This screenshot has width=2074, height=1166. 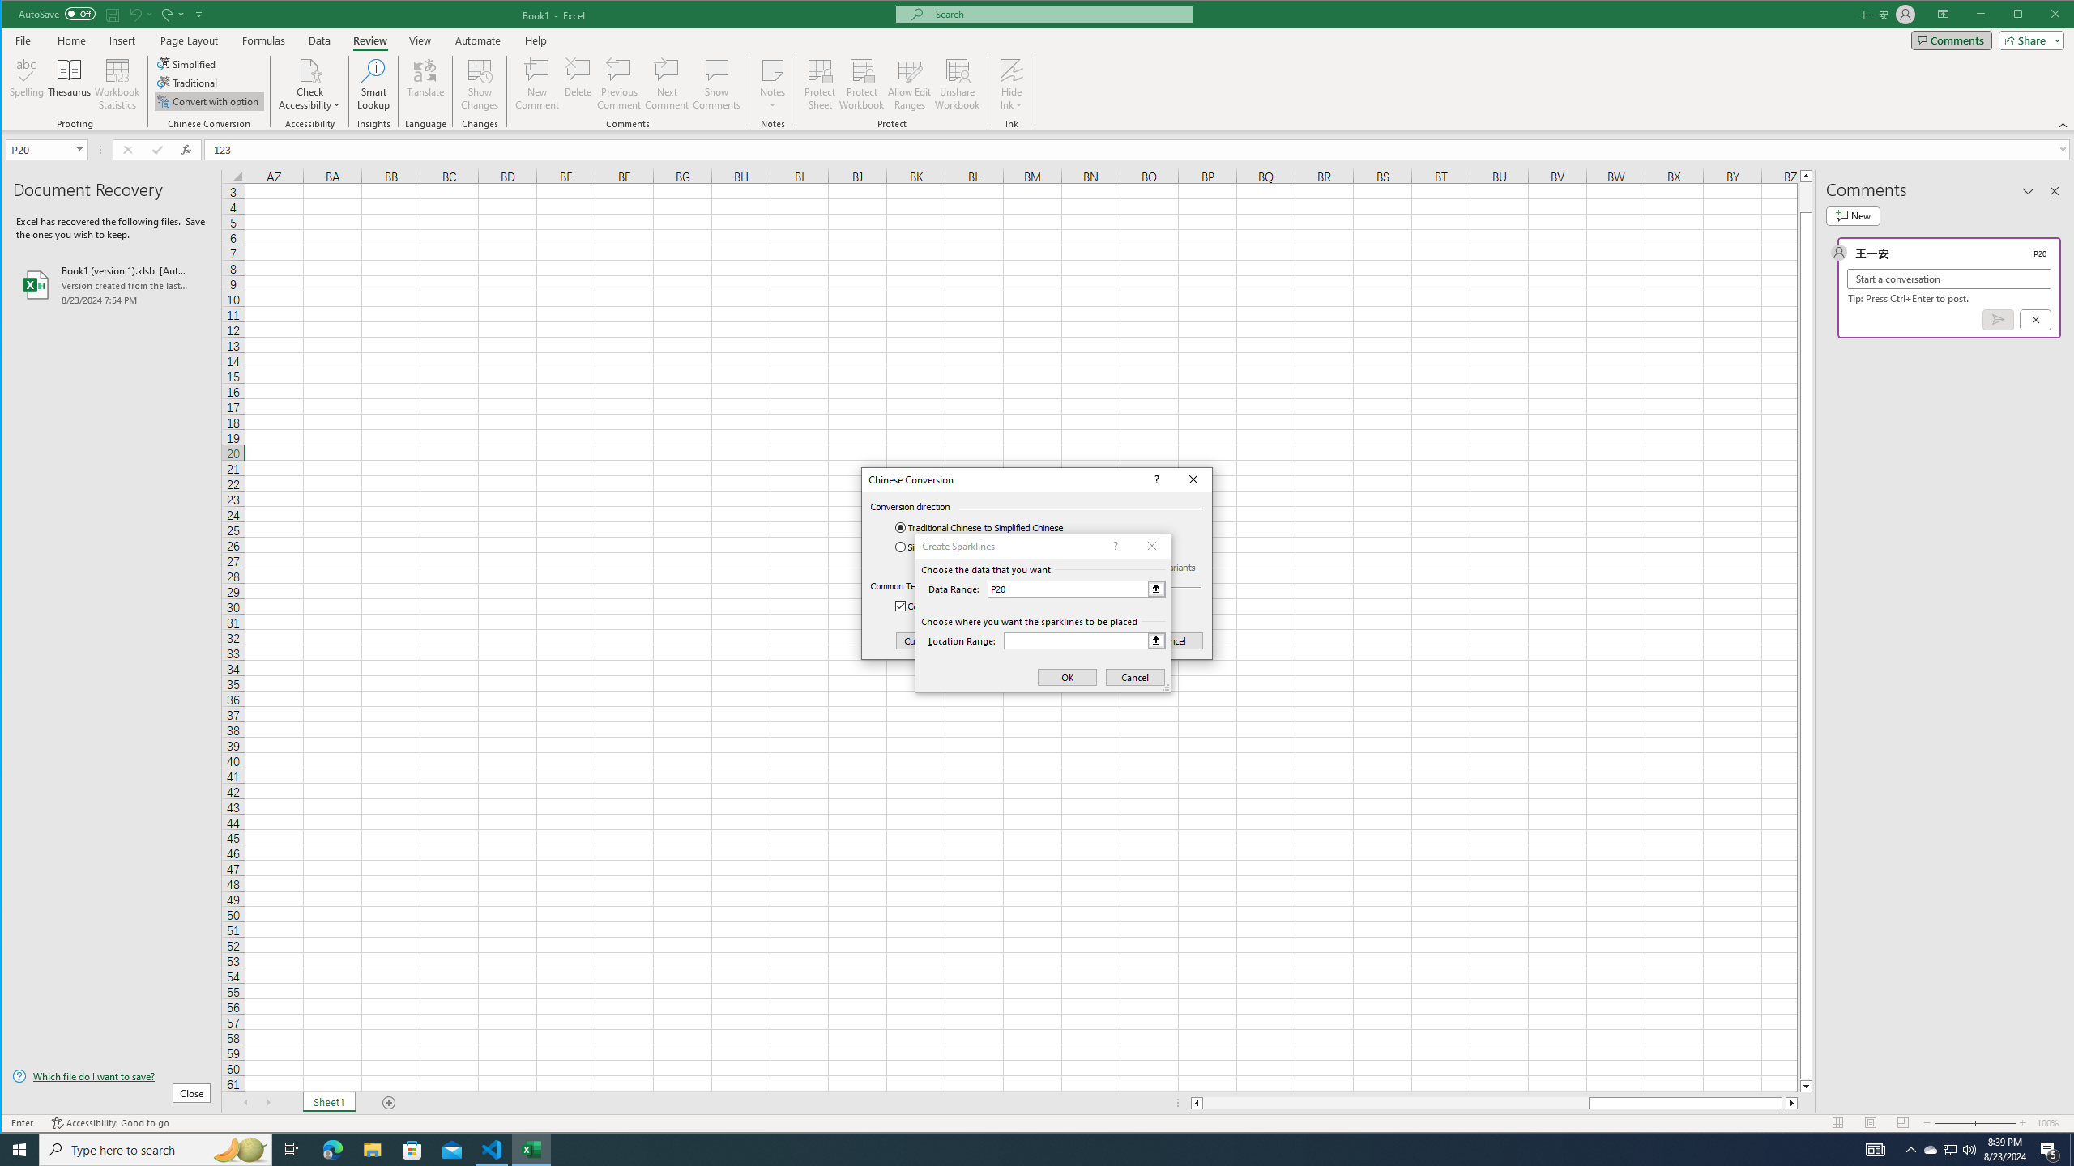 What do you see at coordinates (955, 606) in the screenshot?
I see `'Convert common terms'` at bounding box center [955, 606].